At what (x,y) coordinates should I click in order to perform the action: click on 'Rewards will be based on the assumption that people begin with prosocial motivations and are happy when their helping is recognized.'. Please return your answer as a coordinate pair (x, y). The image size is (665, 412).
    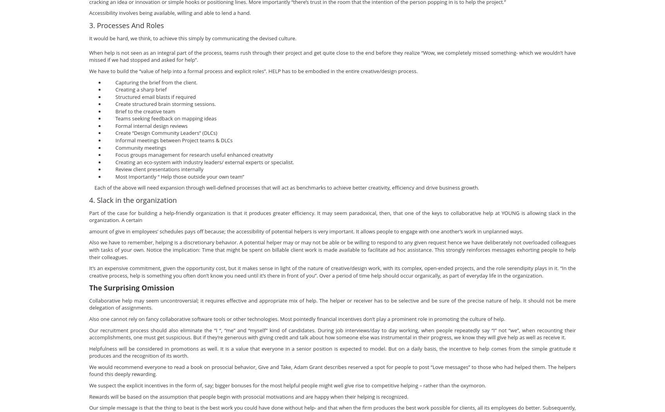
    Looking at the image, I should click on (248, 396).